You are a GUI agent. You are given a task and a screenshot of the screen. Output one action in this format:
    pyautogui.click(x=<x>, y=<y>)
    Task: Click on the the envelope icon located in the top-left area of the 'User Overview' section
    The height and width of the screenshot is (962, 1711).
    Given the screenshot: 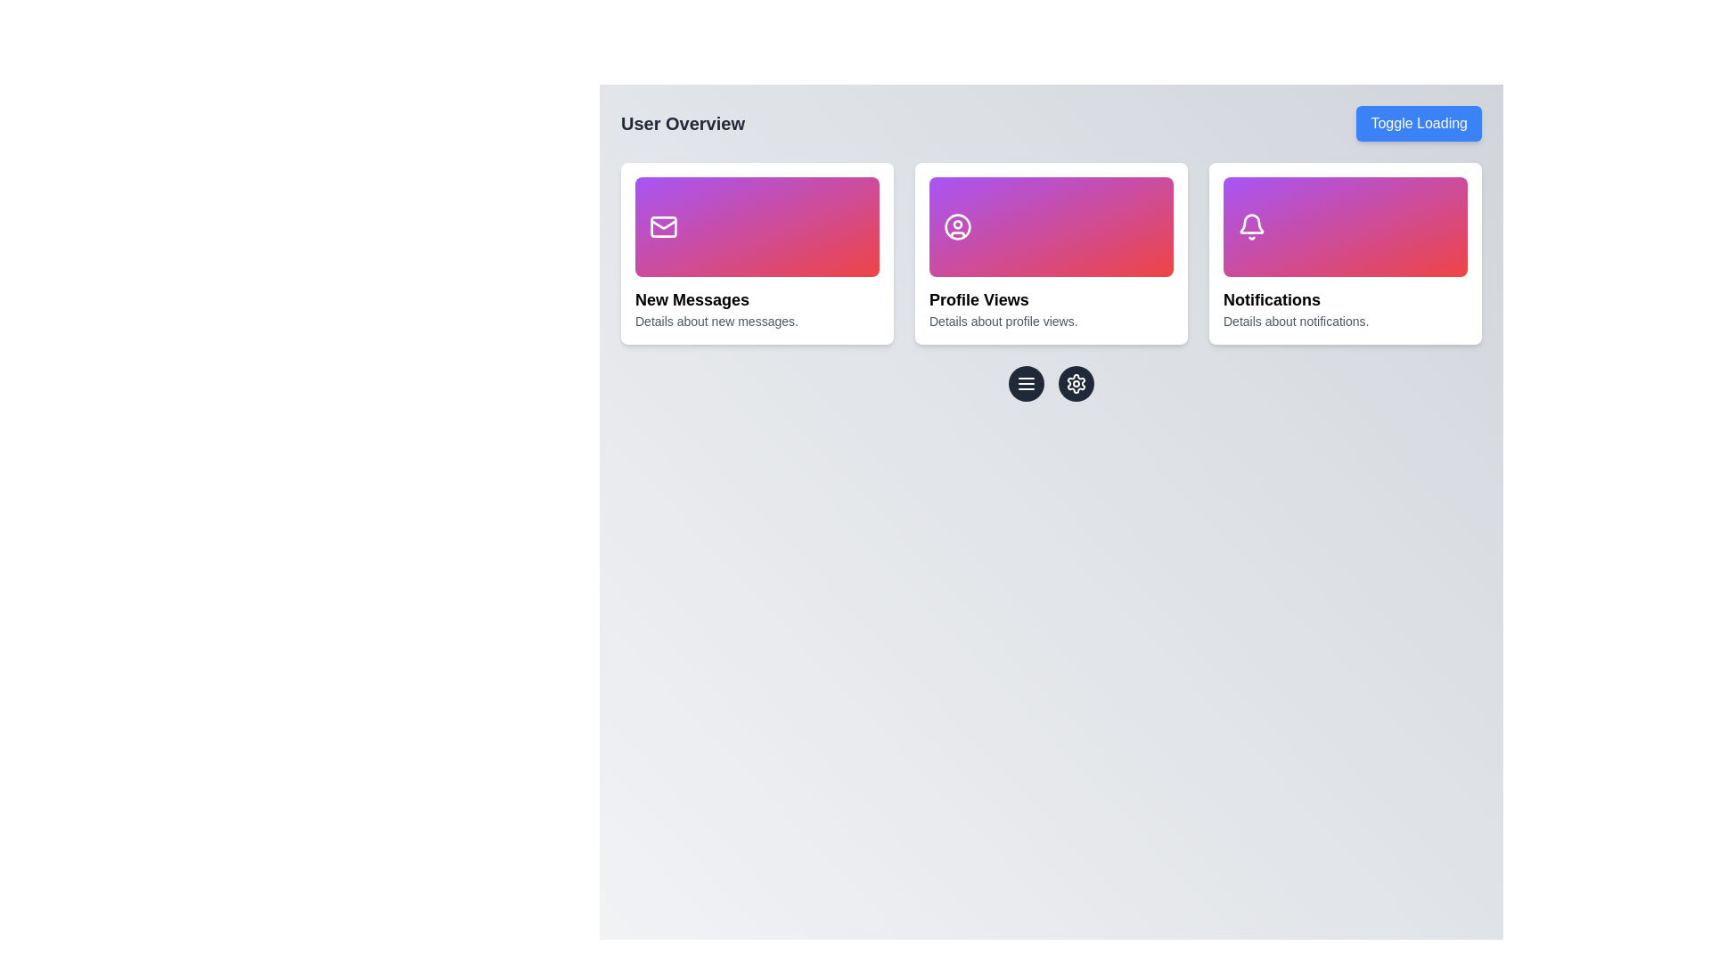 What is the action you would take?
    pyautogui.click(x=662, y=225)
    